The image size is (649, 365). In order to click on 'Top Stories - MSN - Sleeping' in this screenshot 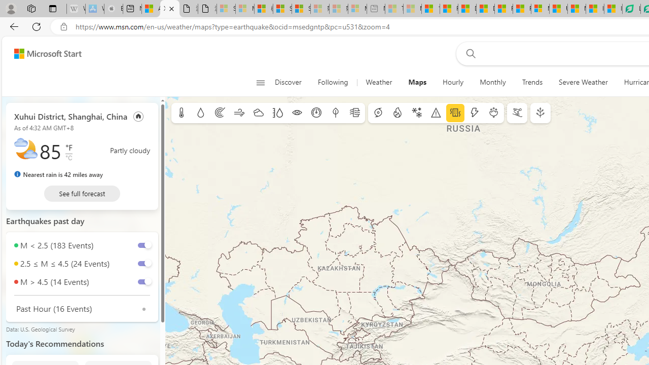, I will do `click(393, 9)`.